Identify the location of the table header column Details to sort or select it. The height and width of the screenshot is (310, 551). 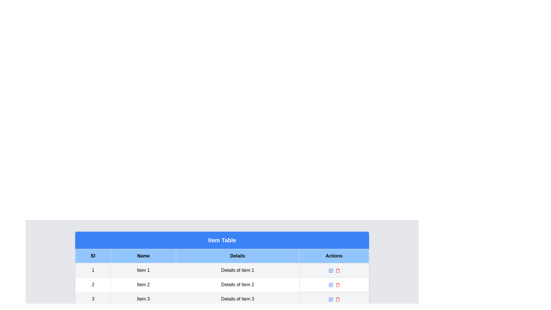
(238, 255).